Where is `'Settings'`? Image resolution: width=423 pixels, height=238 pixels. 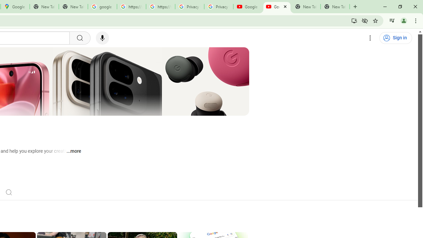 'Settings' is located at coordinates (370, 38).